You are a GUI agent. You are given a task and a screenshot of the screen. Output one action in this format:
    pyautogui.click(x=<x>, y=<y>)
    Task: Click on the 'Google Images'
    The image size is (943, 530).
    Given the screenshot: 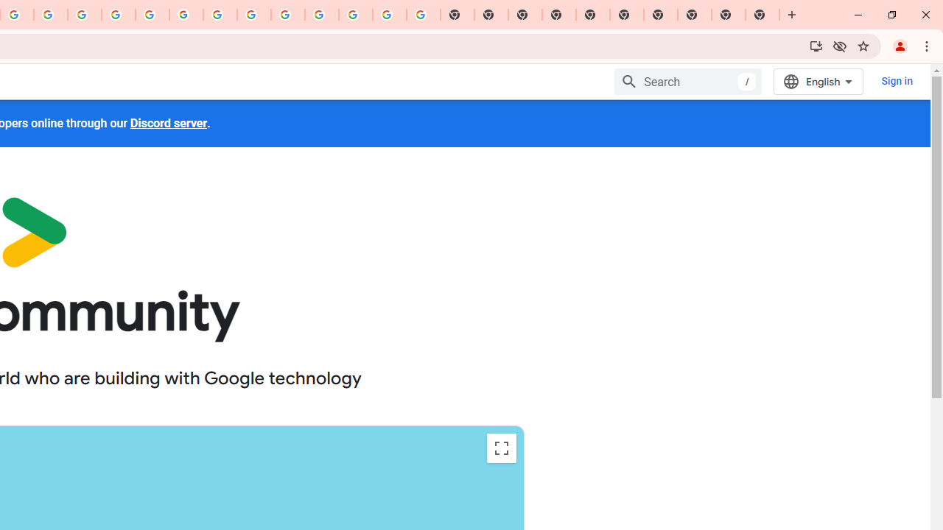 What is the action you would take?
    pyautogui.click(x=422, y=15)
    